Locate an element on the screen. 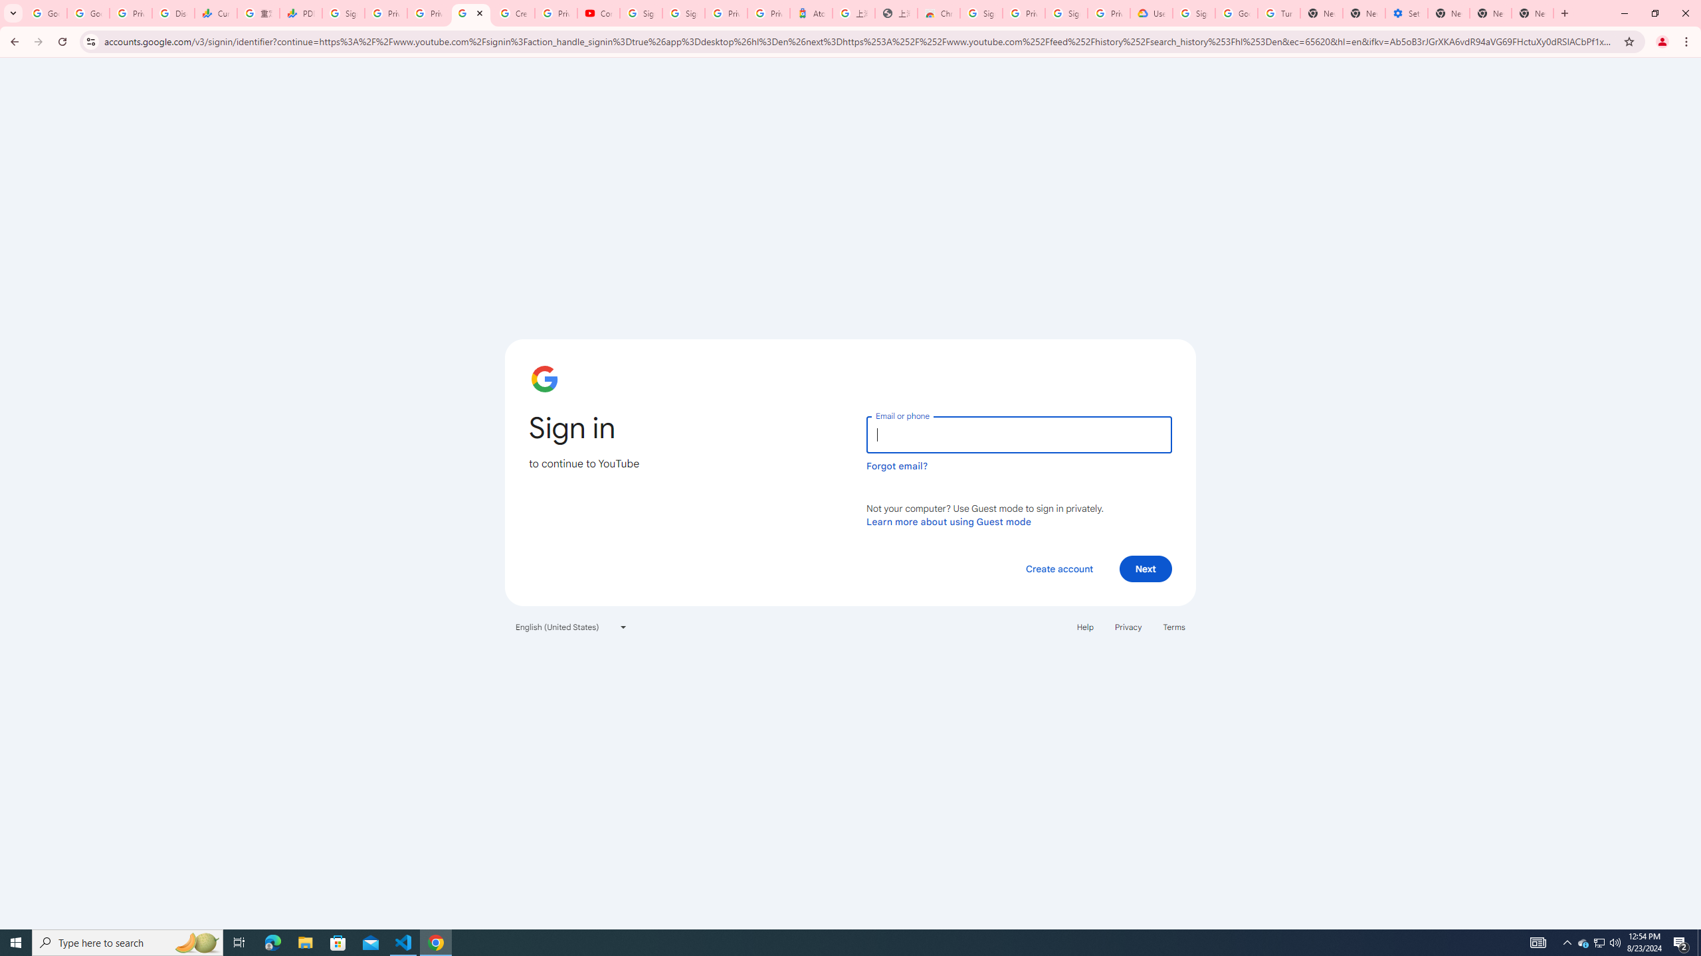 The height and width of the screenshot is (956, 1701). 'YouTube' is located at coordinates (471, 13).